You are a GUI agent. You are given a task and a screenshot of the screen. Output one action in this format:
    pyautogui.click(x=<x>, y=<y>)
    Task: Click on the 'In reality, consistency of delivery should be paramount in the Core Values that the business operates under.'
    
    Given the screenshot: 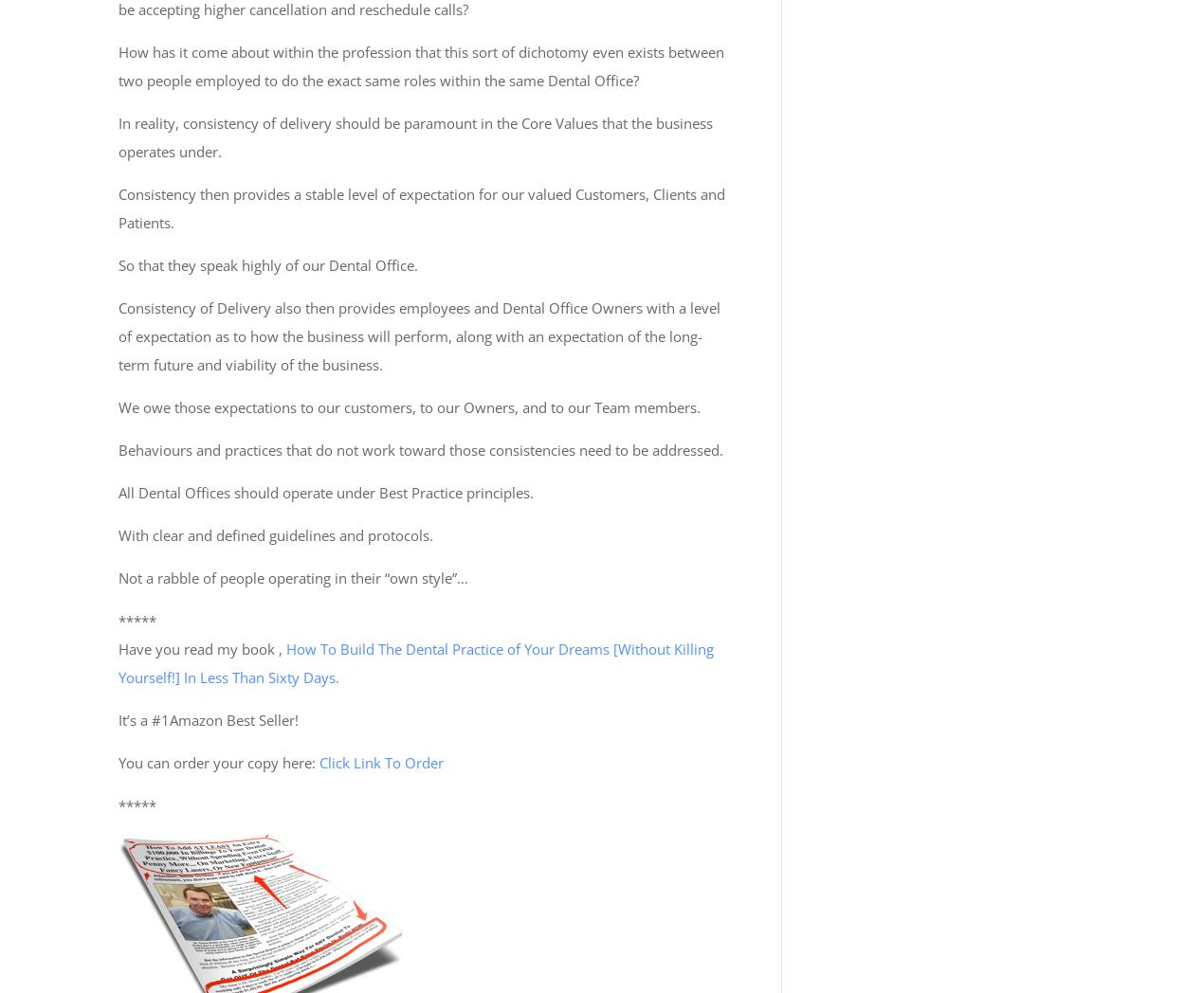 What is the action you would take?
    pyautogui.click(x=415, y=137)
    